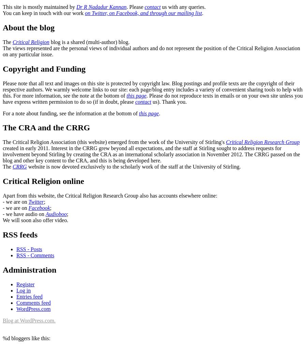 The height and width of the screenshot is (346, 307). What do you see at coordinates (135, 6) in the screenshot?
I see `'.  Please'` at bounding box center [135, 6].